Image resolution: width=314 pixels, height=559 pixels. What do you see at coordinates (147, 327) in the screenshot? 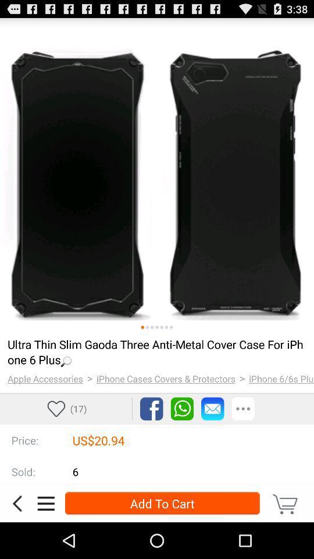
I see `displays second image in a series` at bounding box center [147, 327].